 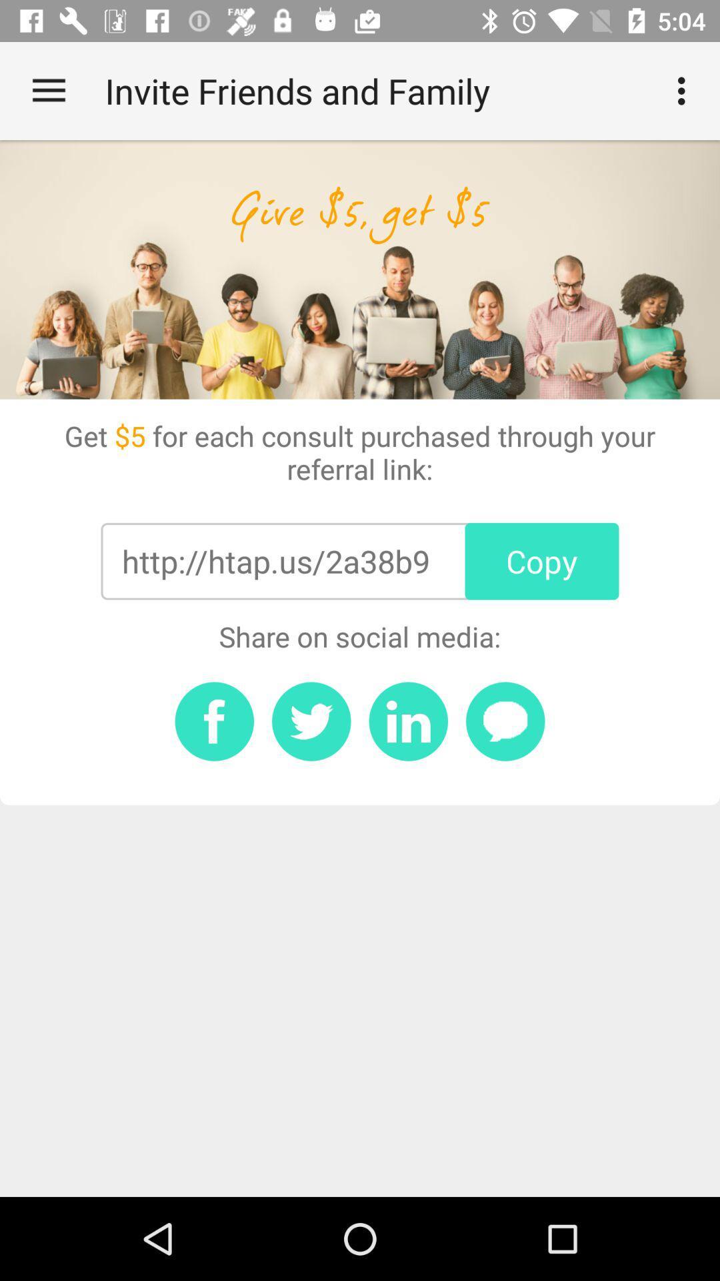 I want to click on http htap us item, so click(x=275, y=561).